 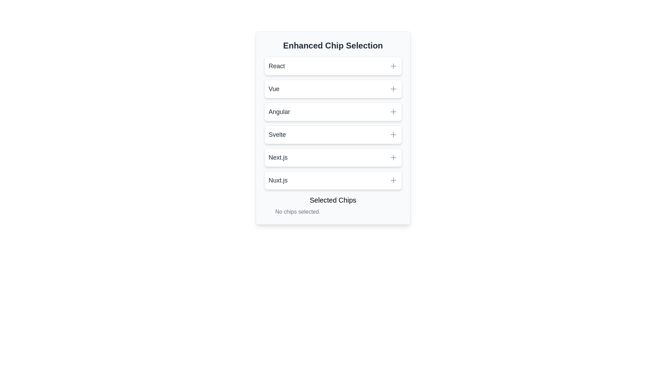 I want to click on the selectable button labeled 'Vue' which is the second button in the list under 'Enhanced Chip Selection', so click(x=333, y=89).